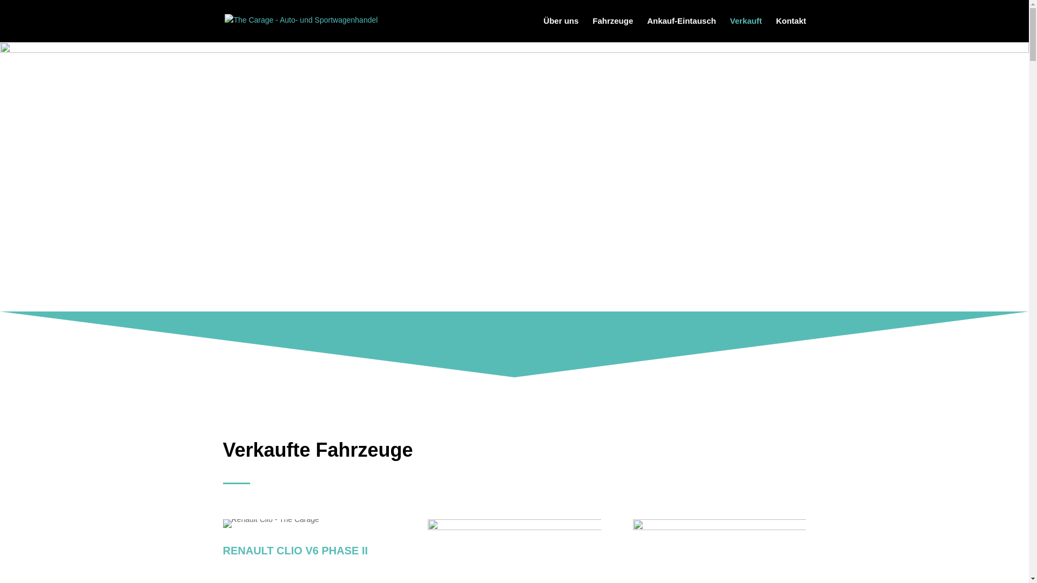 This screenshot has width=1037, height=583. I want to click on 'Fahrzeuge', so click(612, 29).